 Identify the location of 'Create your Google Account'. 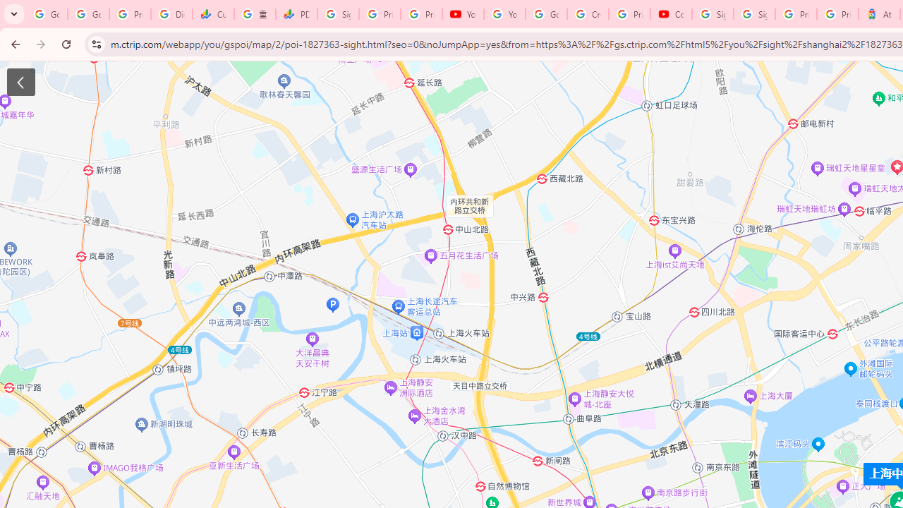
(588, 14).